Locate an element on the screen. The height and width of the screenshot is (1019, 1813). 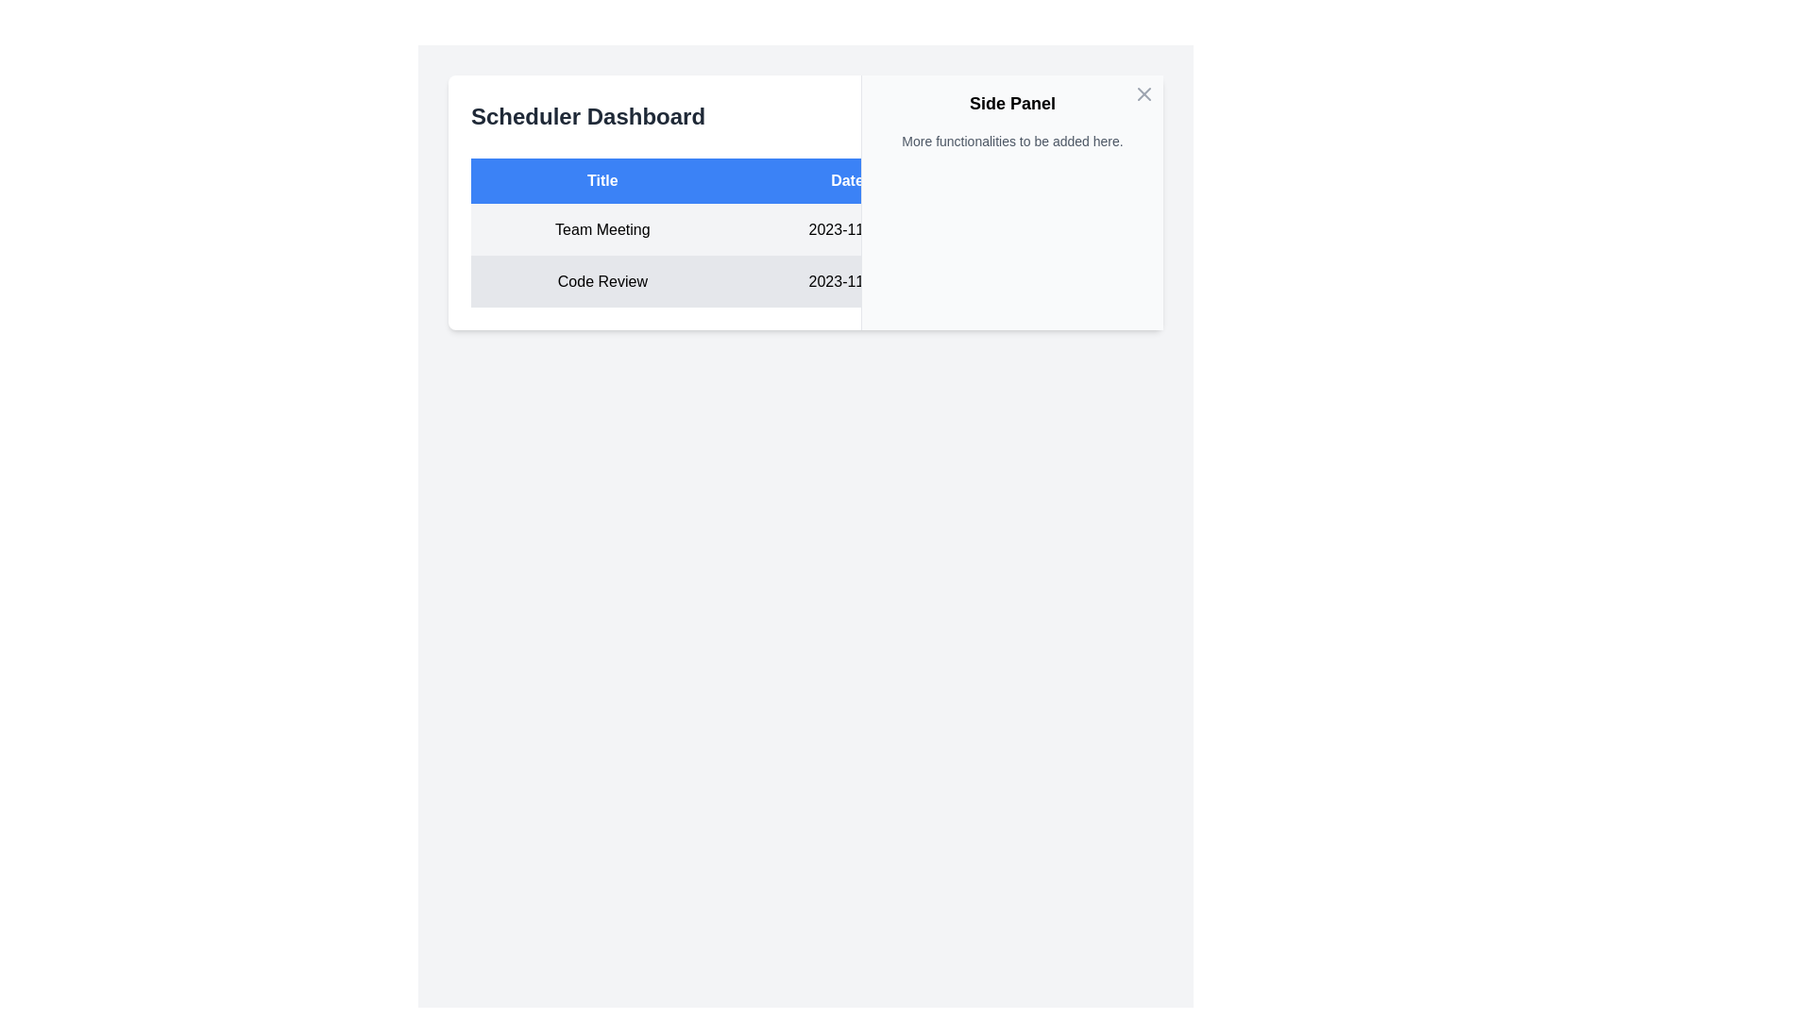
the decorative Circle SVG element located in the top-right corner of the side panel, adjacent to other UI items is located at coordinates (1036, 116).